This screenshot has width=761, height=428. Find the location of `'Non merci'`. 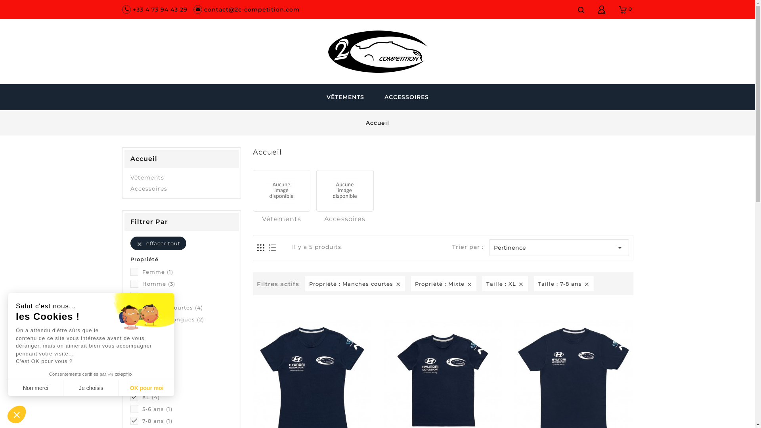

'Non merci' is located at coordinates (8, 388).